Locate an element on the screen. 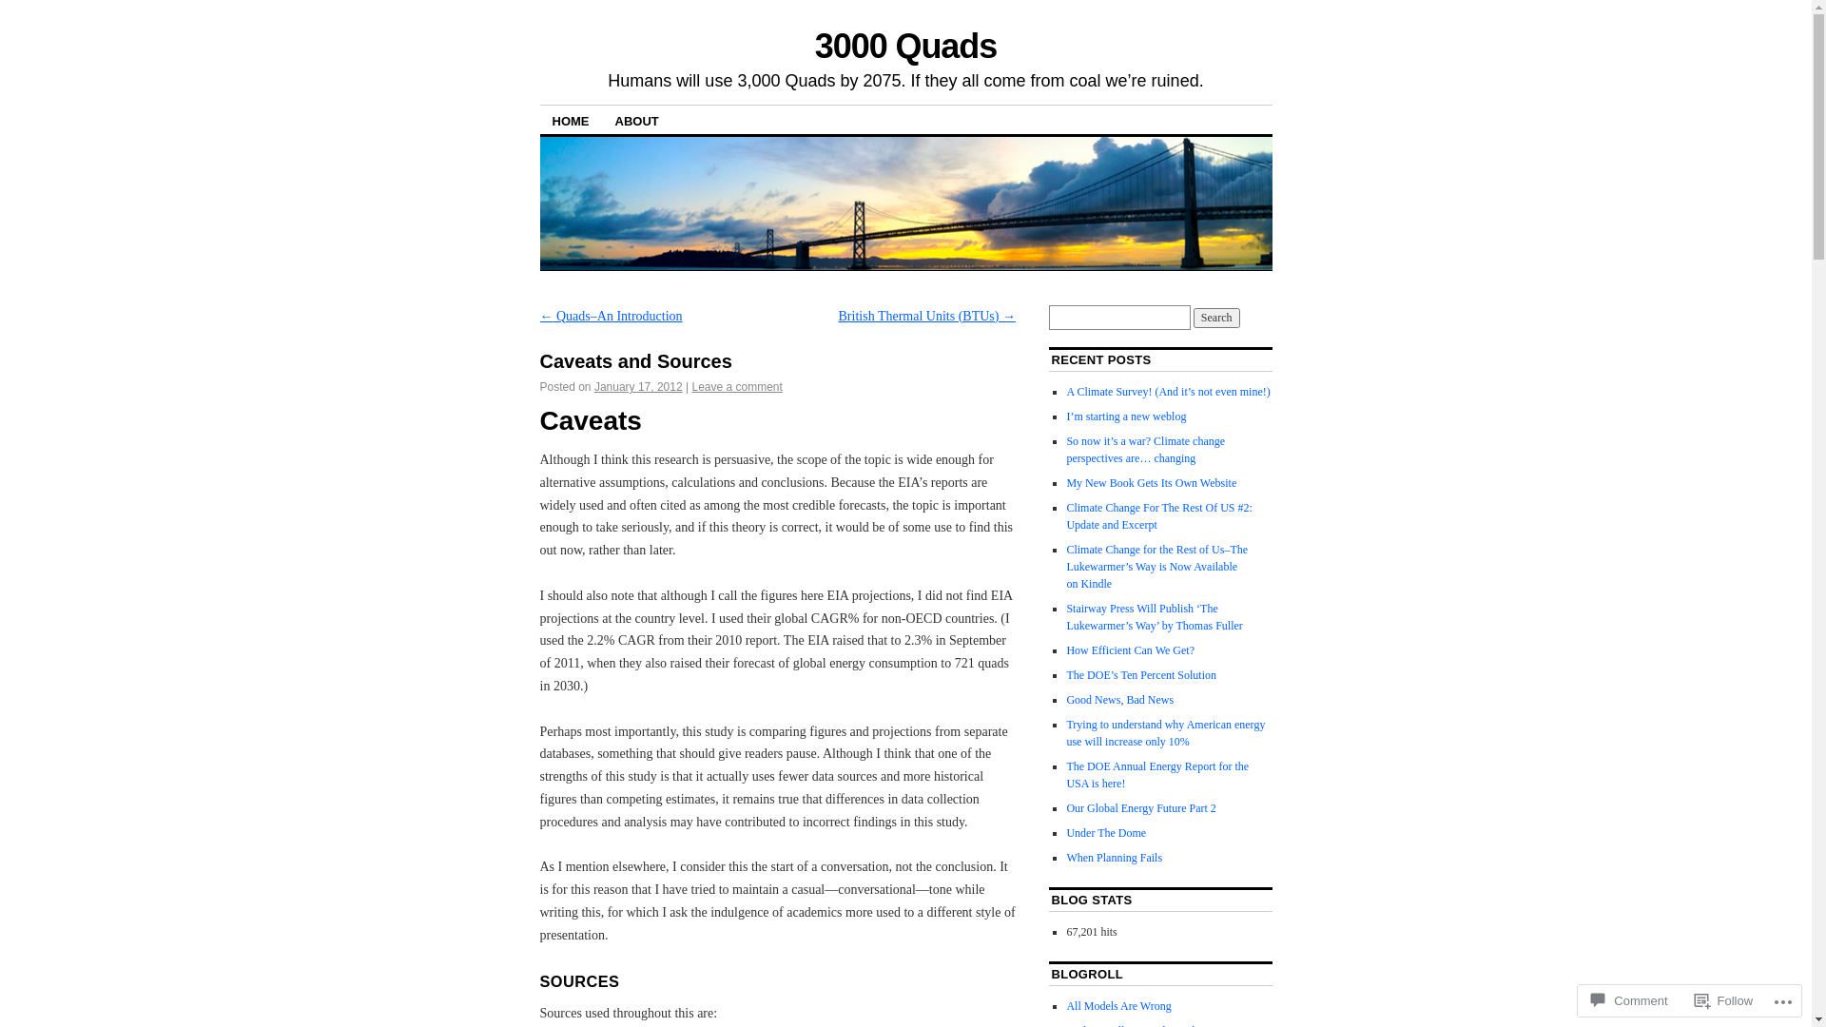  'Search' is located at coordinates (1215, 317).